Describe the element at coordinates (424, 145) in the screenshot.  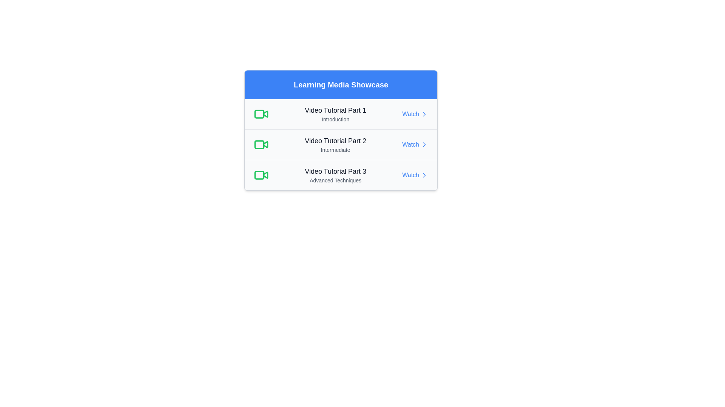
I see `the right-pointing arrow icon in the 'Watch' button row for 'Video Tutorial Part 3'` at that location.